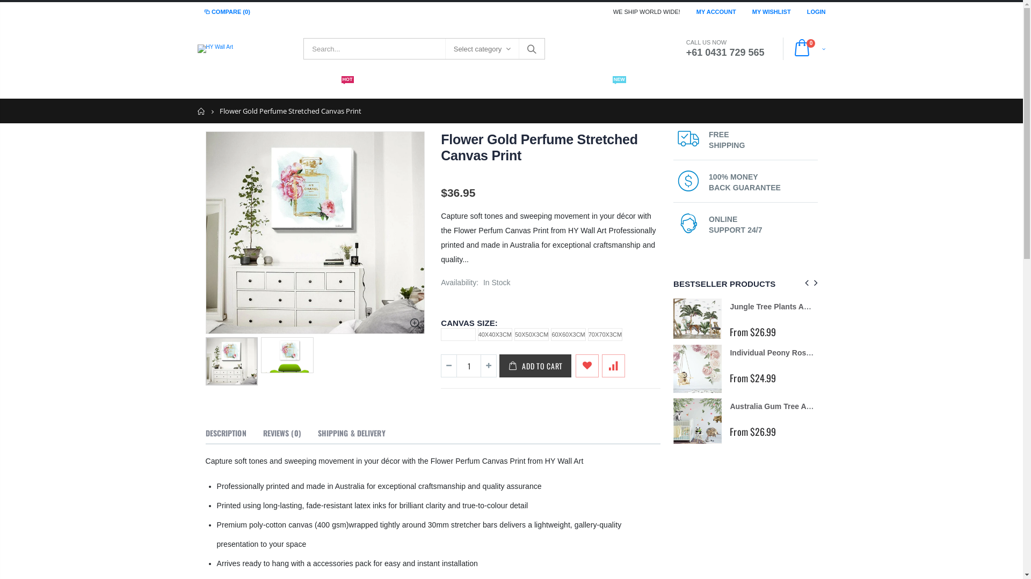 This screenshot has height=579, width=1031. Describe the element at coordinates (807, 49) in the screenshot. I see `'0'` at that location.